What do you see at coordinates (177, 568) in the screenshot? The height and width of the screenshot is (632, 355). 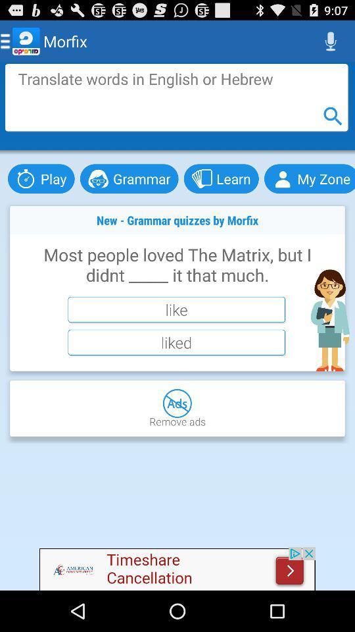 I see `advertisement link` at bounding box center [177, 568].